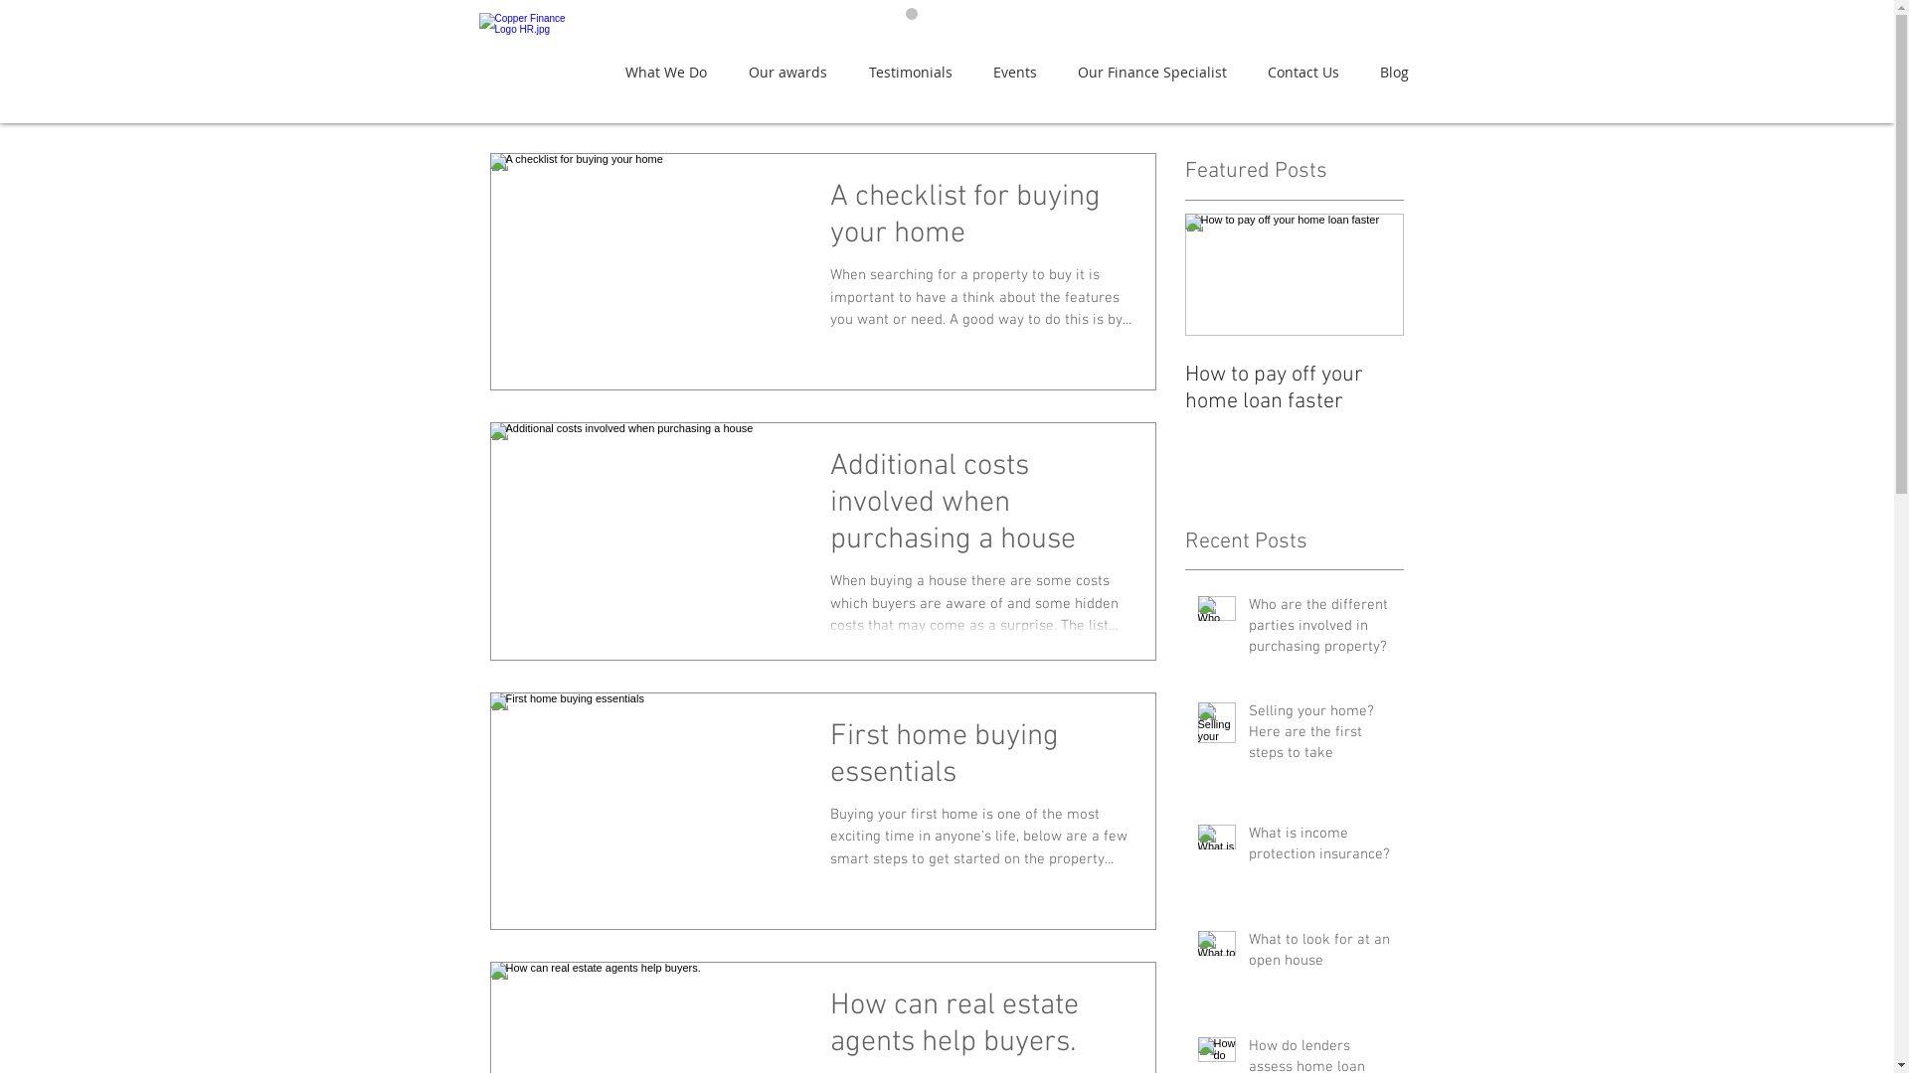  What do you see at coordinates (1020, 71) in the screenshot?
I see `'Events'` at bounding box center [1020, 71].